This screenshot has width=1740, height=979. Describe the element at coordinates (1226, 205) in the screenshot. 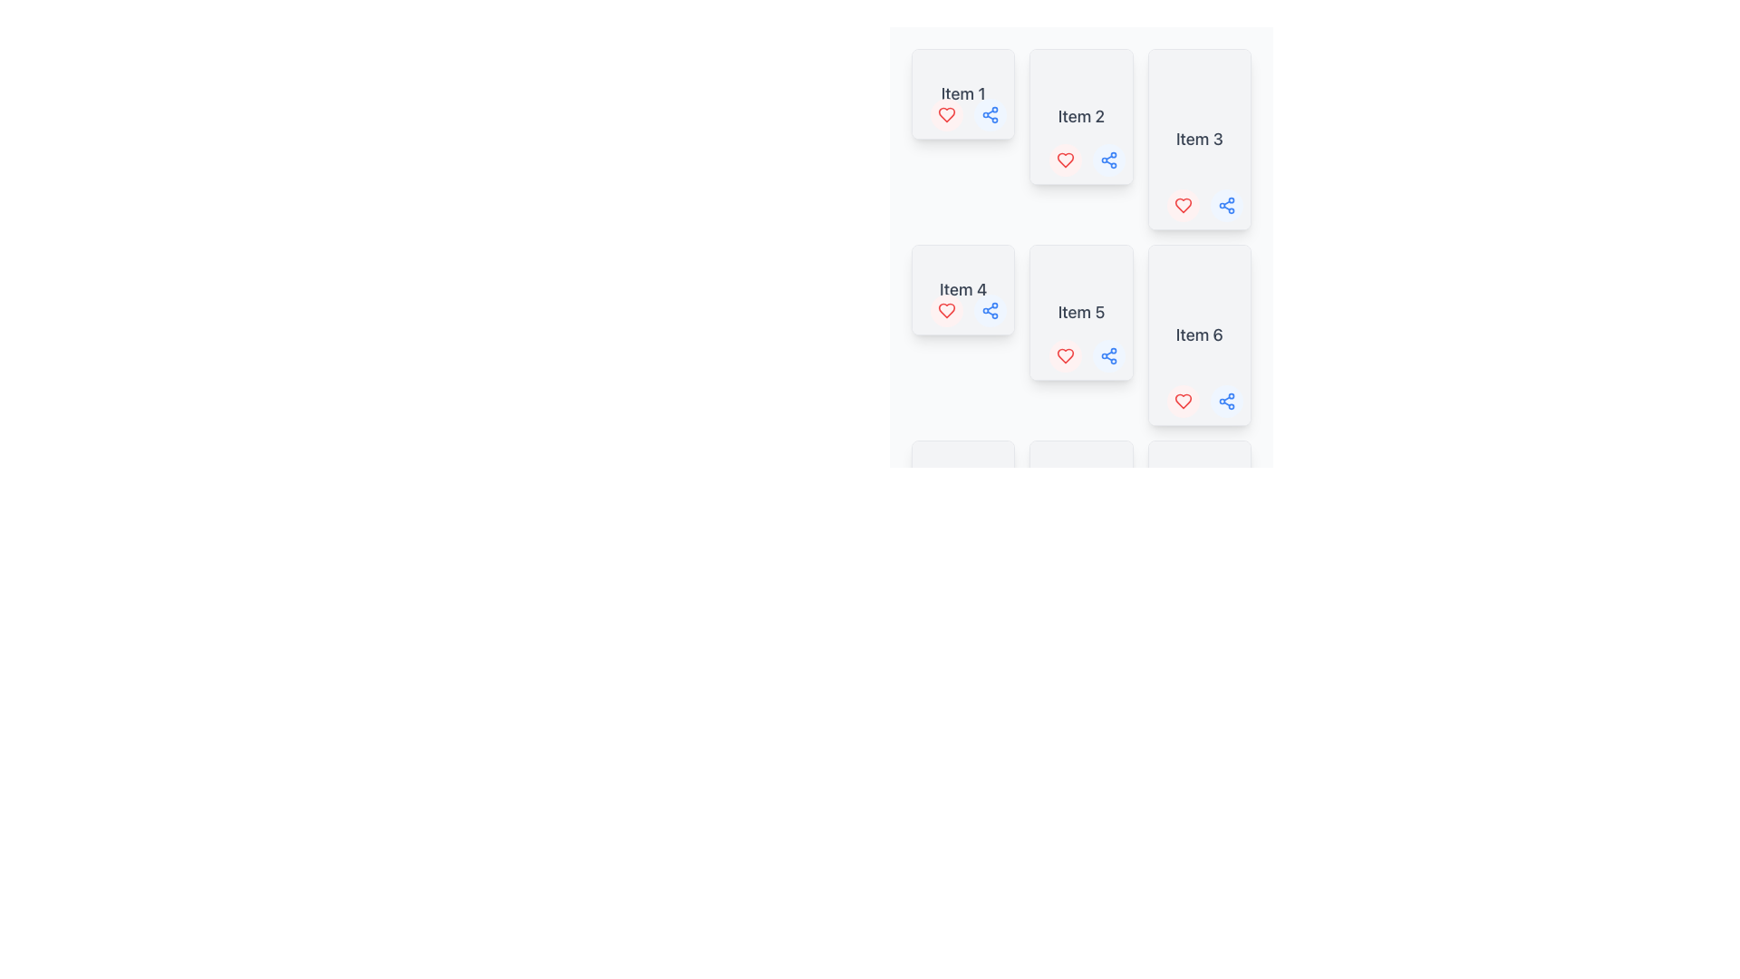

I see `the share button located at the bottom-right corner of the tile labeled 'Item 3'` at that location.